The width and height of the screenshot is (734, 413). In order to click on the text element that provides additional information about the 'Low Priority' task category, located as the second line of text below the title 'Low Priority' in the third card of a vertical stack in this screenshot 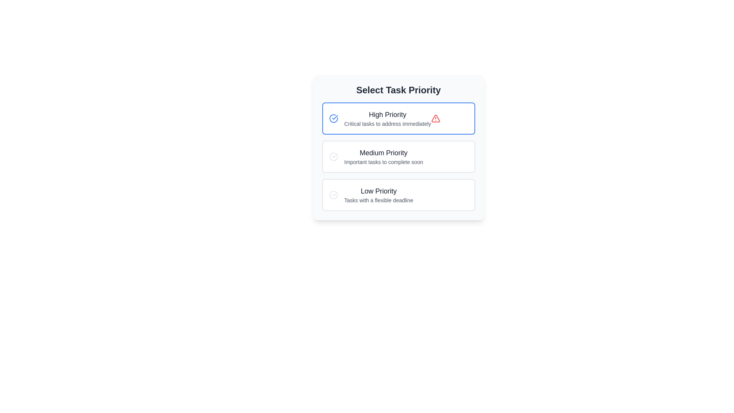, I will do `click(378, 200)`.